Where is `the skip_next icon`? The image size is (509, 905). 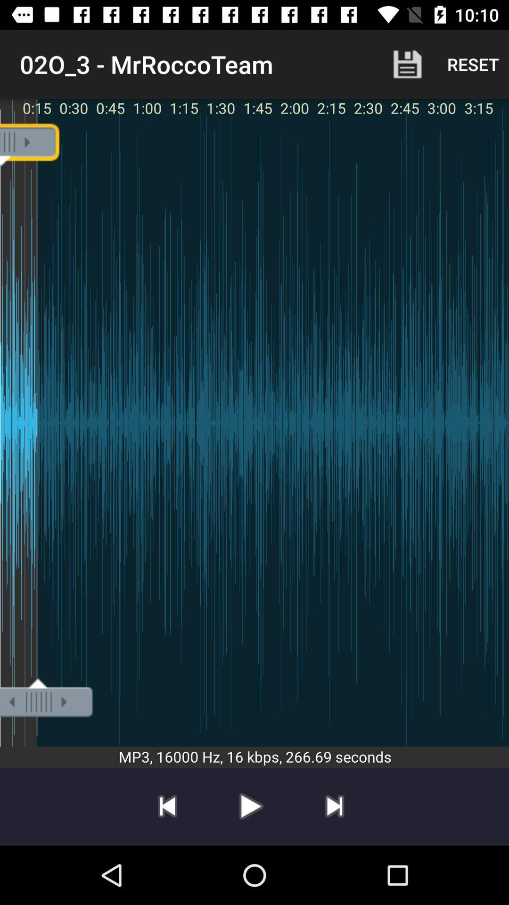
the skip_next icon is located at coordinates (334, 806).